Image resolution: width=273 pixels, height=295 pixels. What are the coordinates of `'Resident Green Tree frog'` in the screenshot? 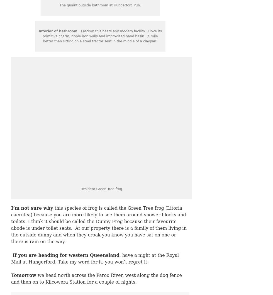 It's located at (101, 188).